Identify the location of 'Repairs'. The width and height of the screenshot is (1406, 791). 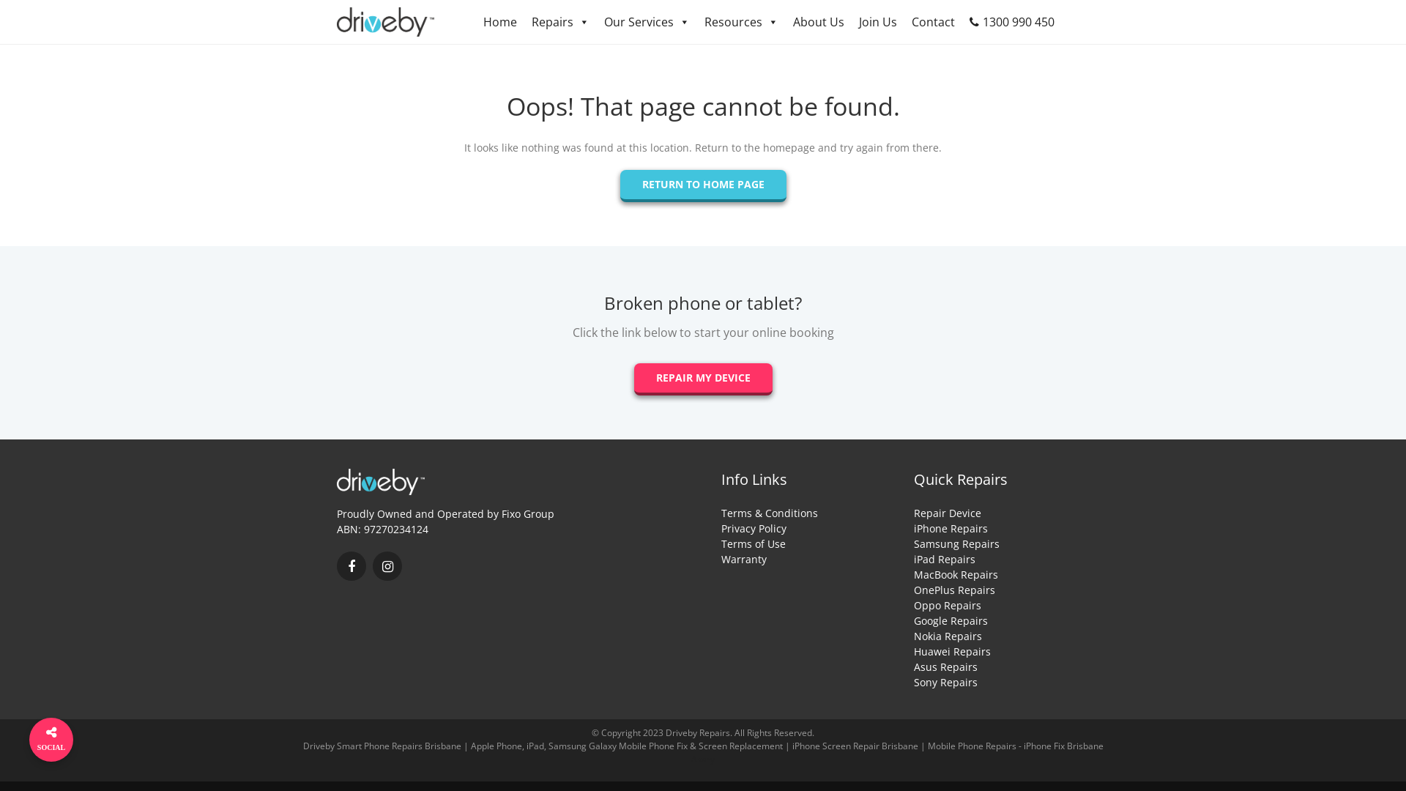
(524, 22).